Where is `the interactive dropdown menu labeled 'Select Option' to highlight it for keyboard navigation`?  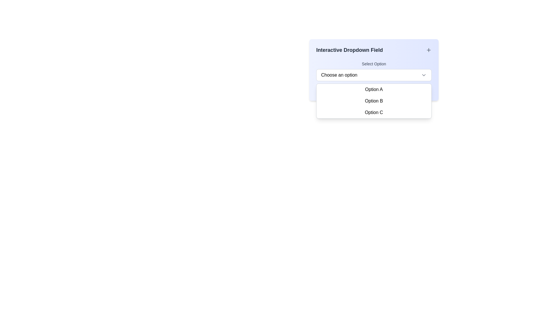 the interactive dropdown menu labeled 'Select Option' to highlight it for keyboard navigation is located at coordinates (374, 70).